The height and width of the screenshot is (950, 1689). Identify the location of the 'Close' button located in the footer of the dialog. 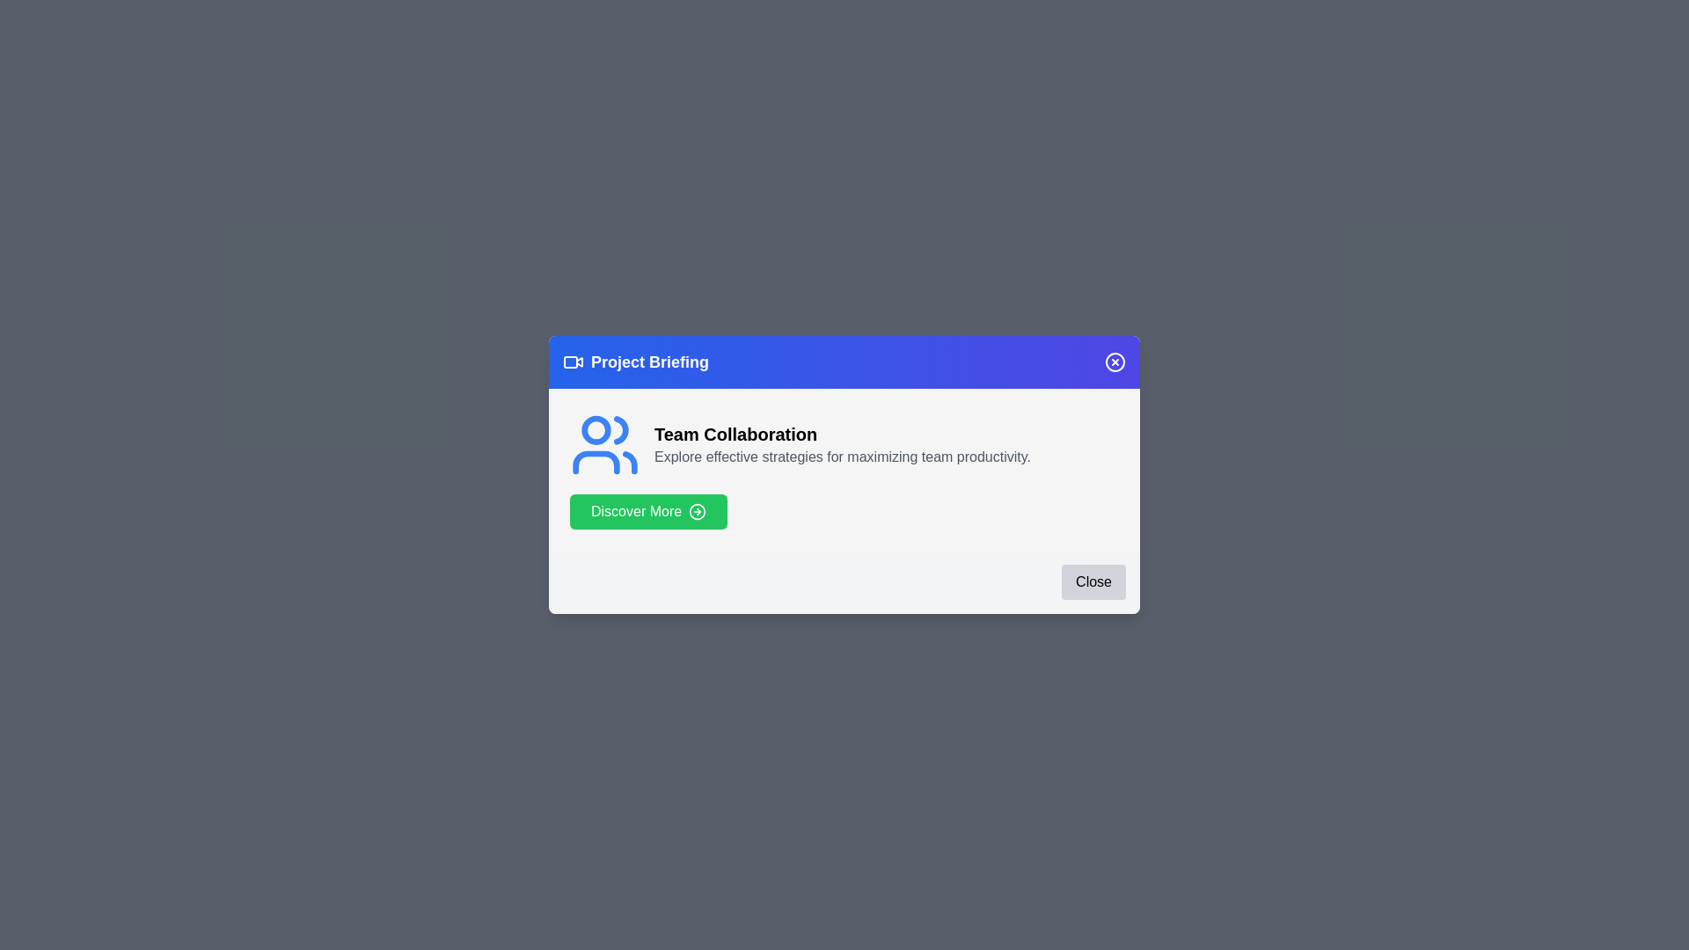
(1093, 582).